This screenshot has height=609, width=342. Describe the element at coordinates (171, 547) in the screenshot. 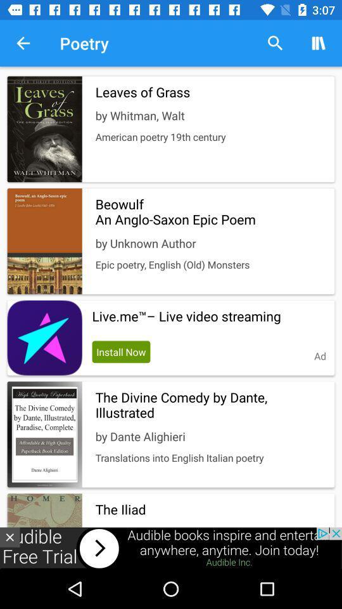

I see `click on the advertisement` at that location.